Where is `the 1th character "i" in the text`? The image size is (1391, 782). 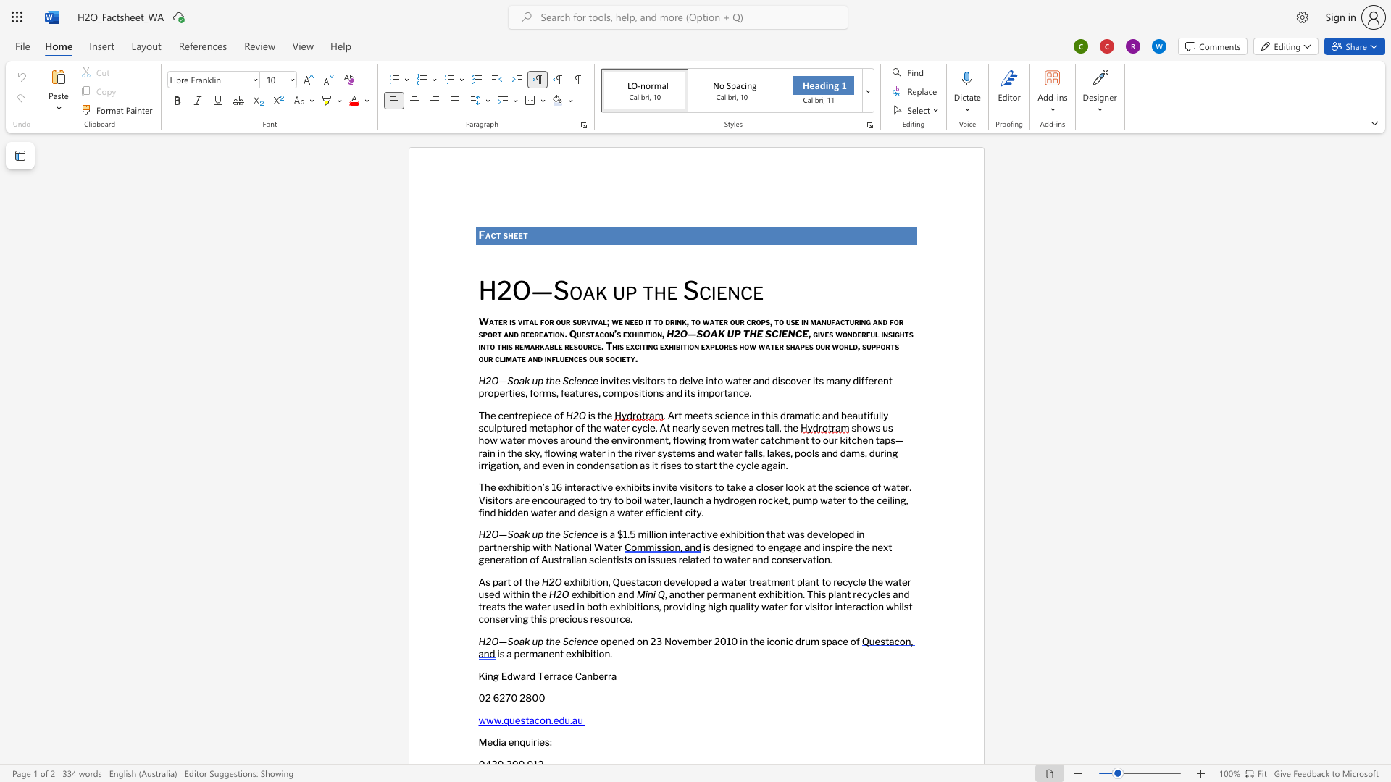
the 1th character "i" in the text is located at coordinates (574, 640).